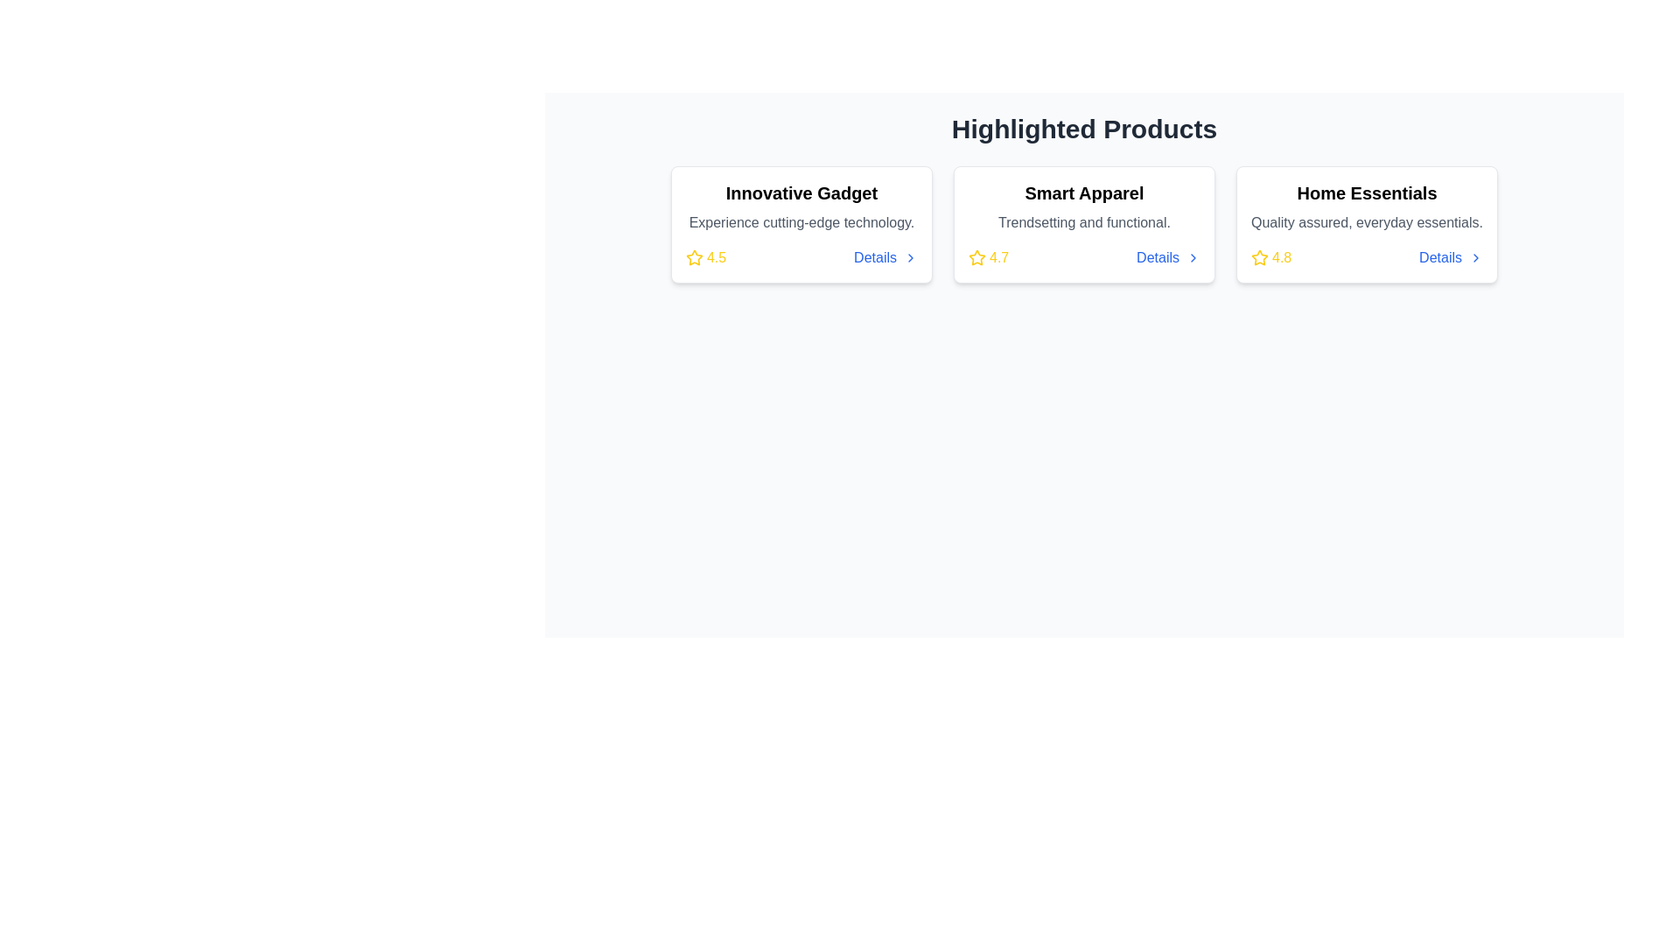  What do you see at coordinates (875, 257) in the screenshot?
I see `the actionable text label located below the 4.5 star rating in the 'Innovative Gadget' card` at bounding box center [875, 257].